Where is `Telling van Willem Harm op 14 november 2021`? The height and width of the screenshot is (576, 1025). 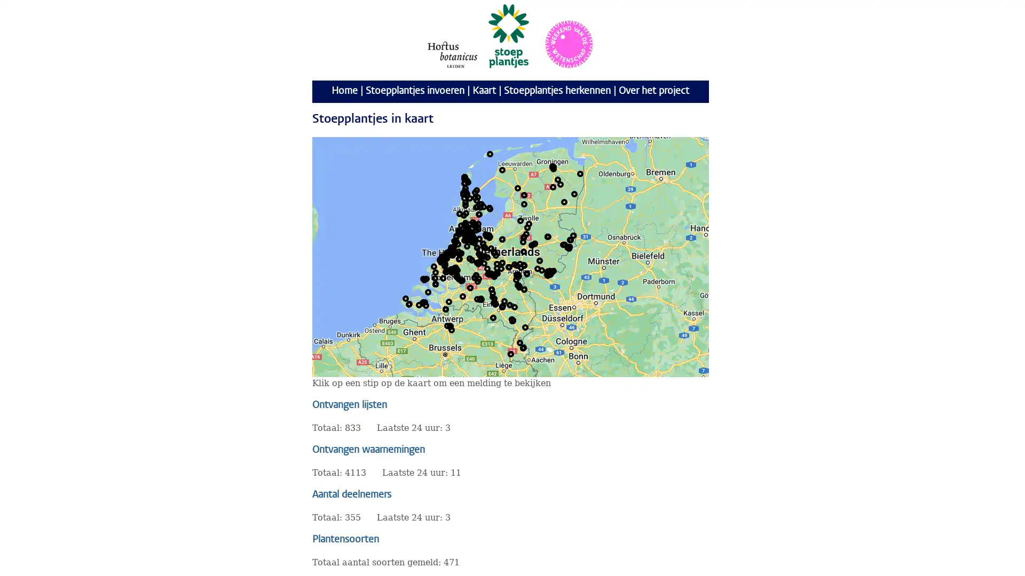
Telling van Willem Harm op 14 november 2021 is located at coordinates (456, 269).